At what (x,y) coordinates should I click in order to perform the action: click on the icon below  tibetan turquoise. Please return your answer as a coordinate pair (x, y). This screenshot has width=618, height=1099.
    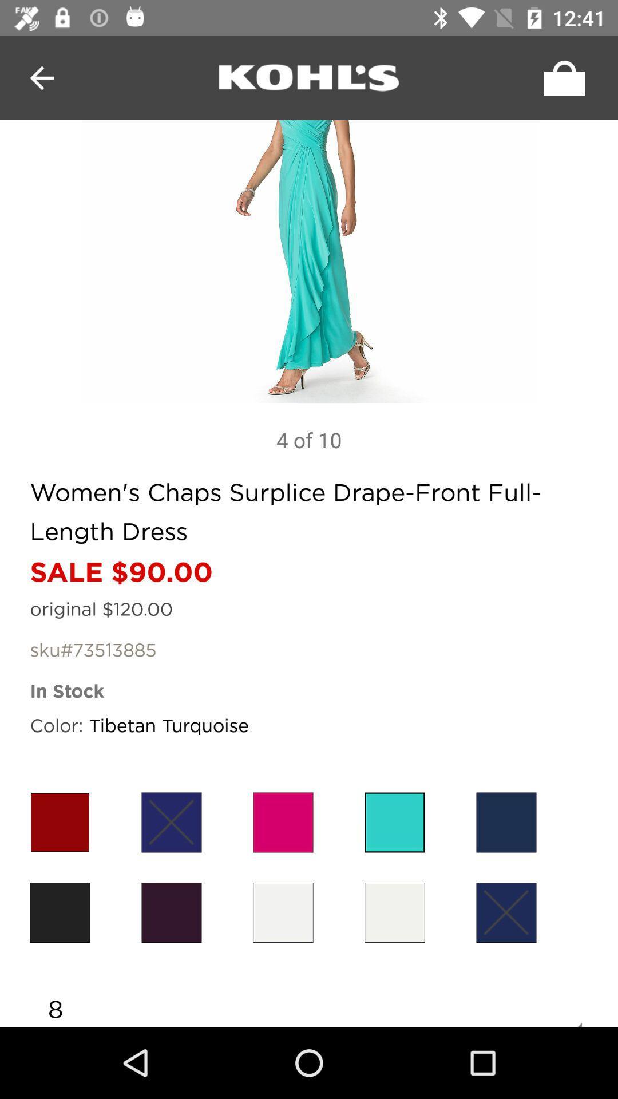
    Looking at the image, I should click on (283, 821).